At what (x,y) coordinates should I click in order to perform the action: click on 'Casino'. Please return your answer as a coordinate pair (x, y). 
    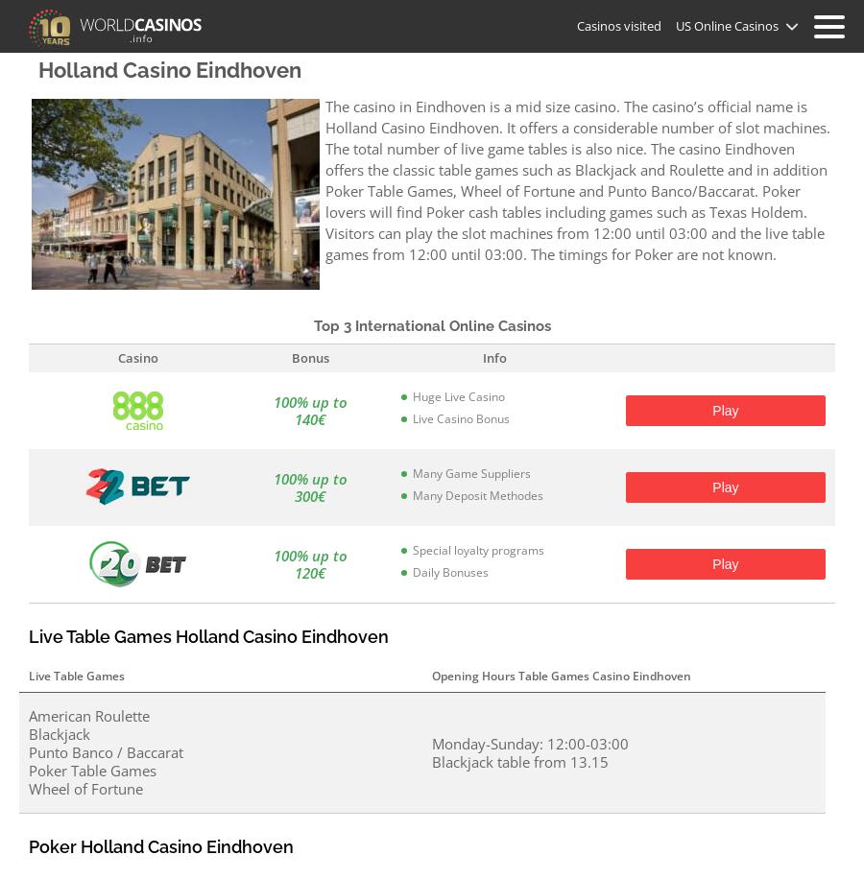
    Looking at the image, I should click on (138, 357).